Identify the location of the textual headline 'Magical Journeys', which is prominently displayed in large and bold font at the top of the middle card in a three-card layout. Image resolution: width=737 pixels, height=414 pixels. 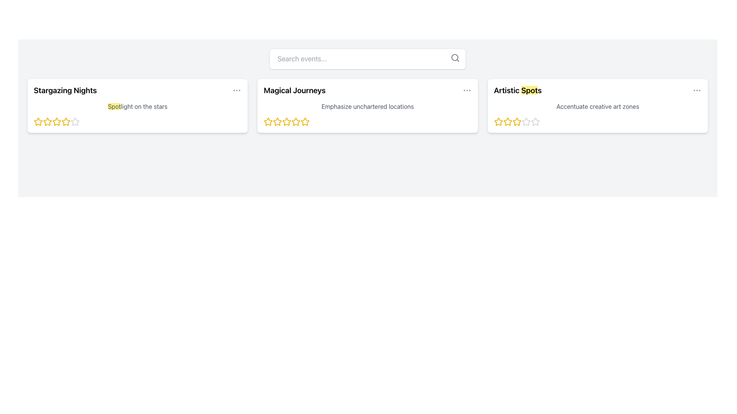
(294, 90).